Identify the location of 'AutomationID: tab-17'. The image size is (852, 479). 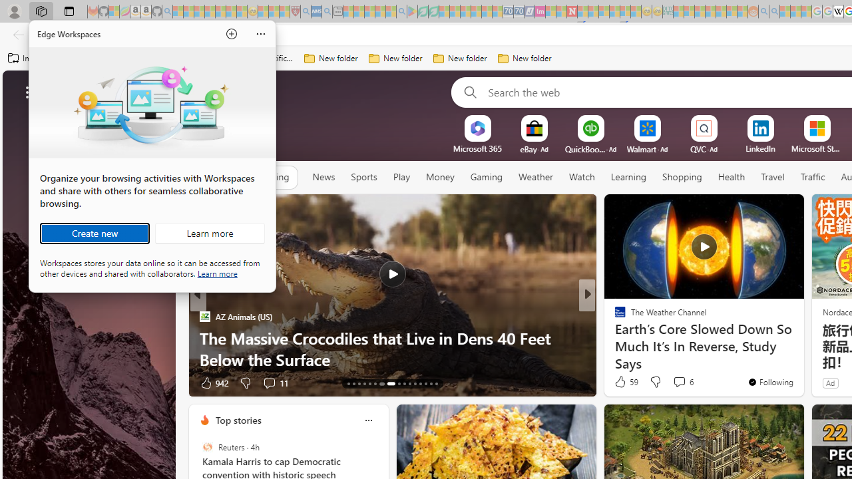
(369, 384).